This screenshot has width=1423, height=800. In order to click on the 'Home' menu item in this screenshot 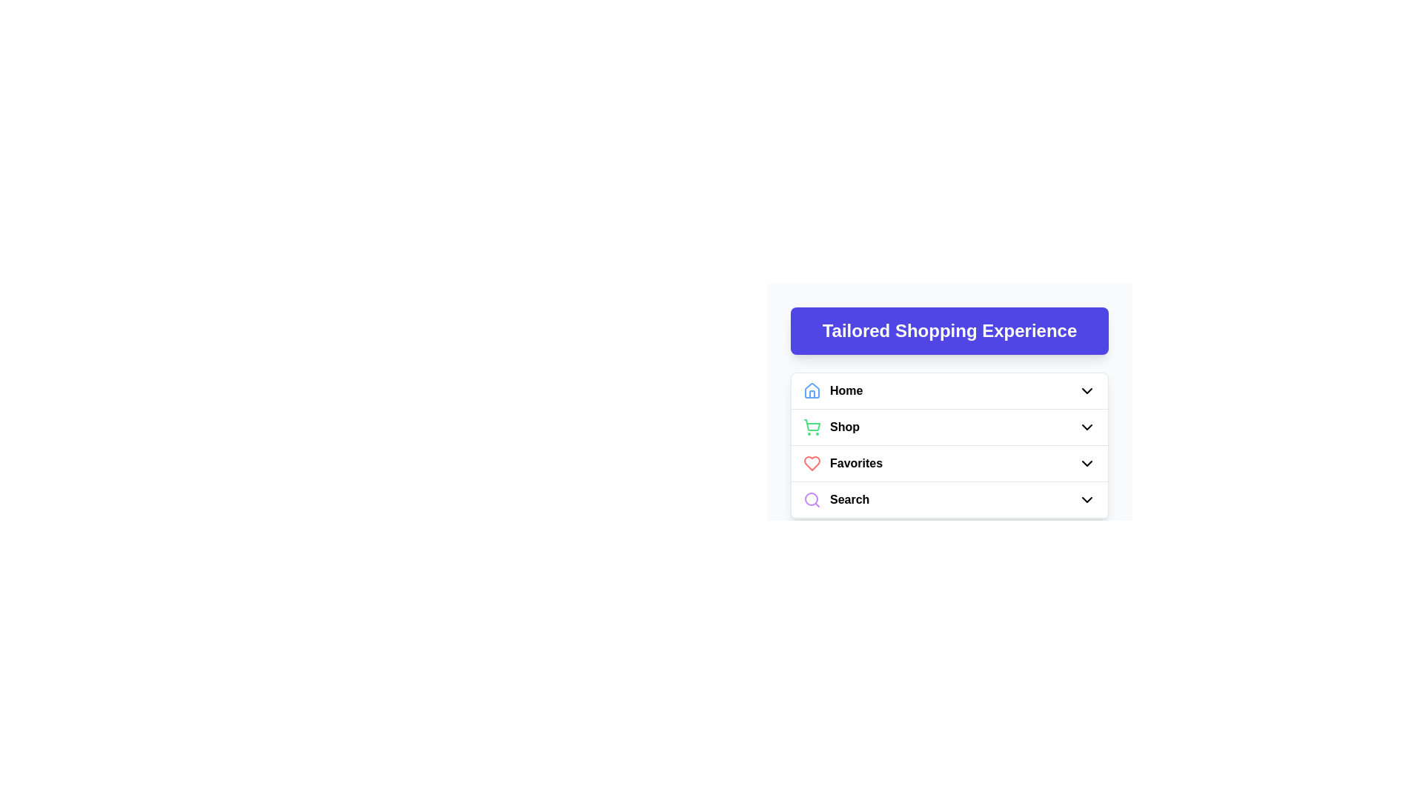, I will do `click(833, 390)`.